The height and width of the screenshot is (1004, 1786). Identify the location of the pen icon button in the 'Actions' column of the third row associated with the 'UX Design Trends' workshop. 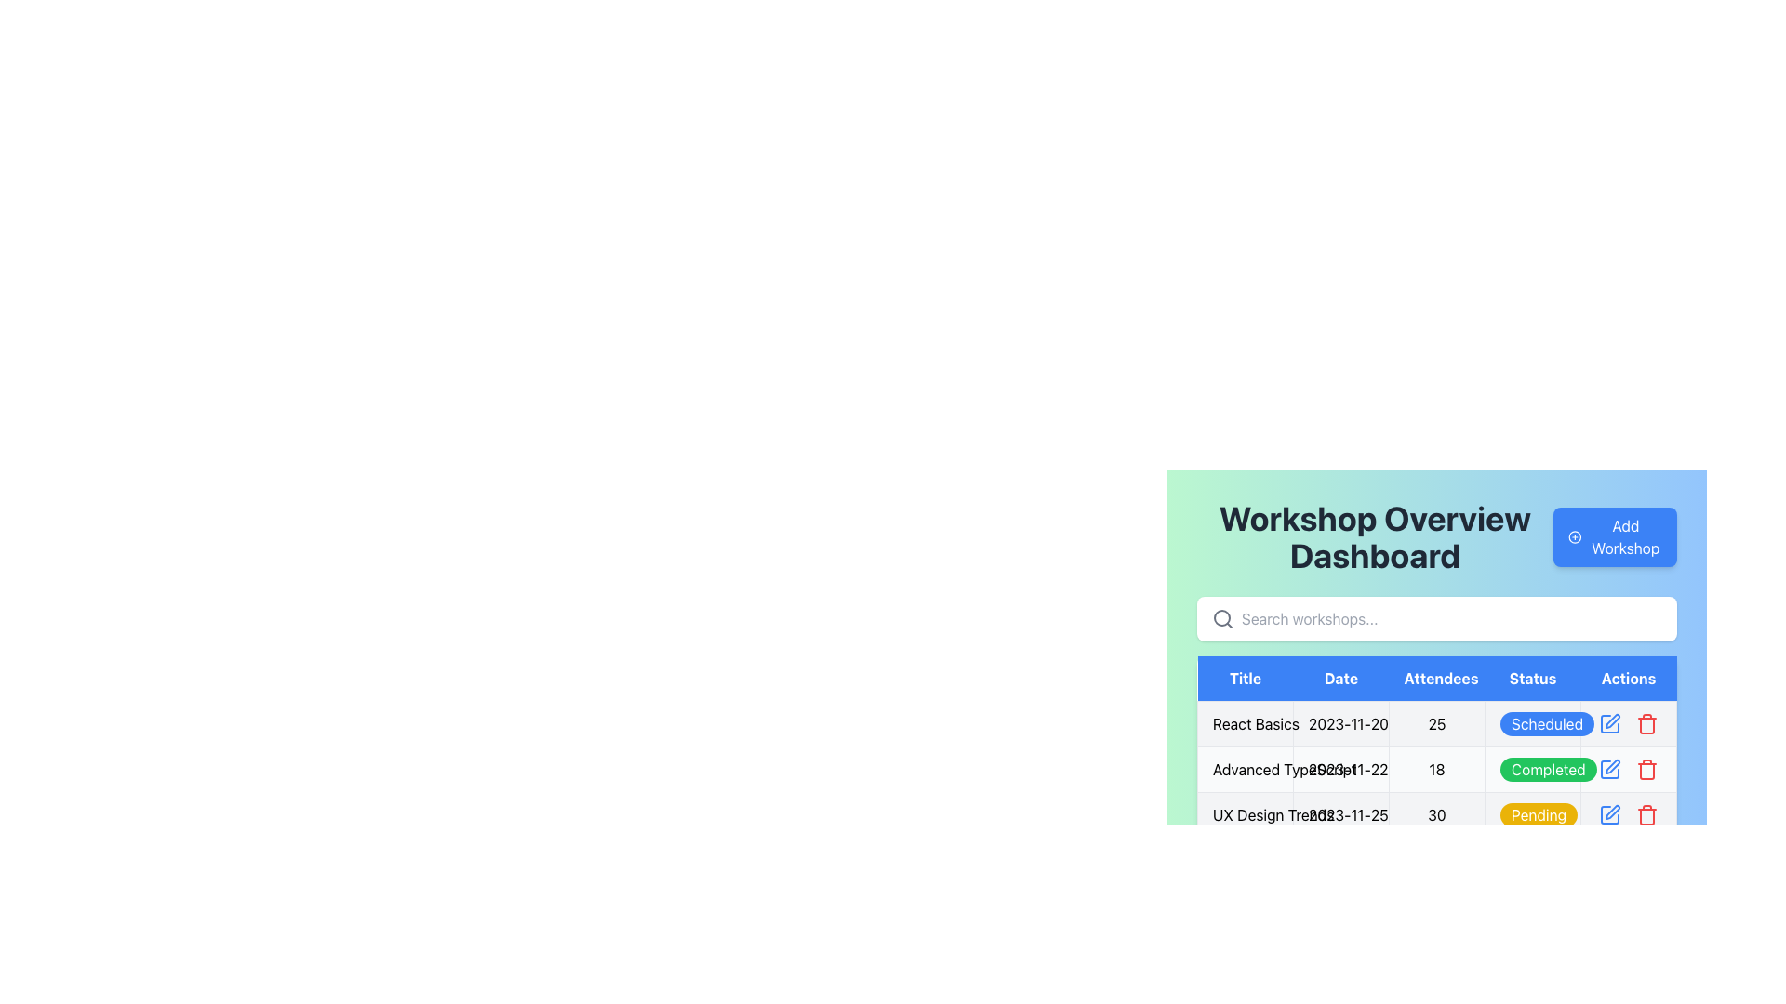
(1611, 812).